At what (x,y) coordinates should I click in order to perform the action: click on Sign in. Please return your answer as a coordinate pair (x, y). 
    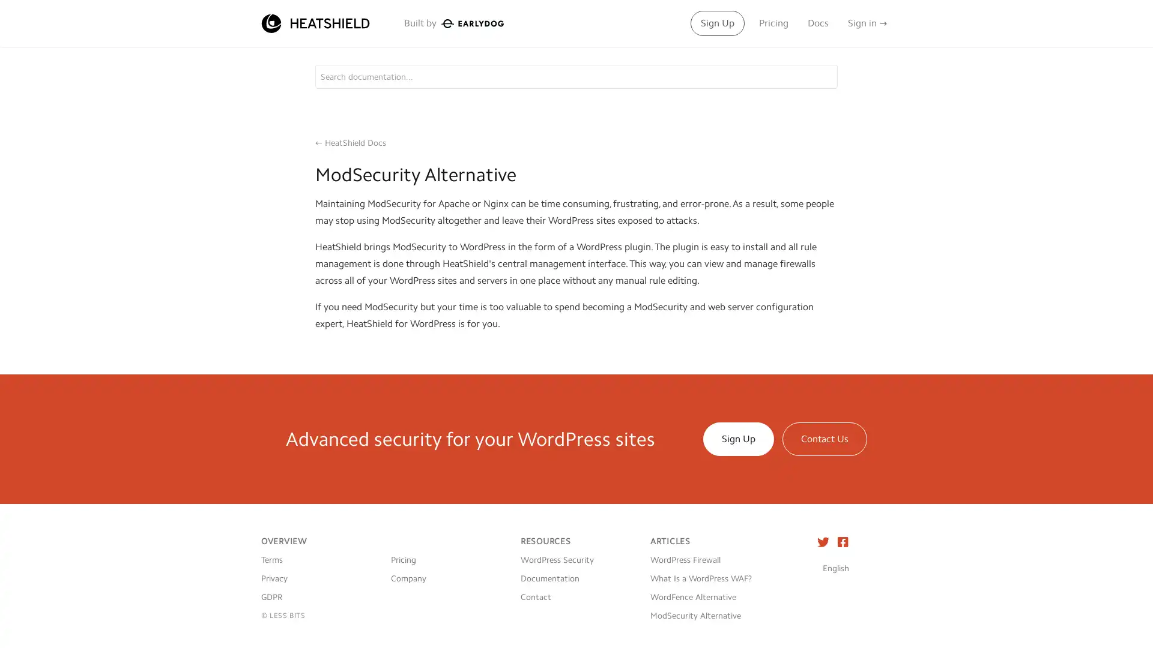
    Looking at the image, I should click on (867, 23).